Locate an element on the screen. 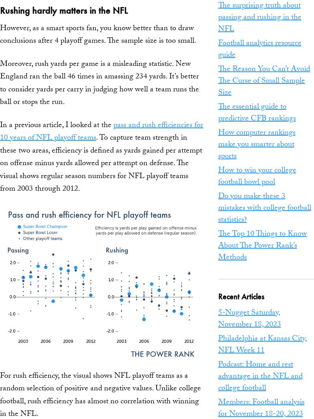  'Do you make these 3 mistakes with college football statistics?' is located at coordinates (217, 208).